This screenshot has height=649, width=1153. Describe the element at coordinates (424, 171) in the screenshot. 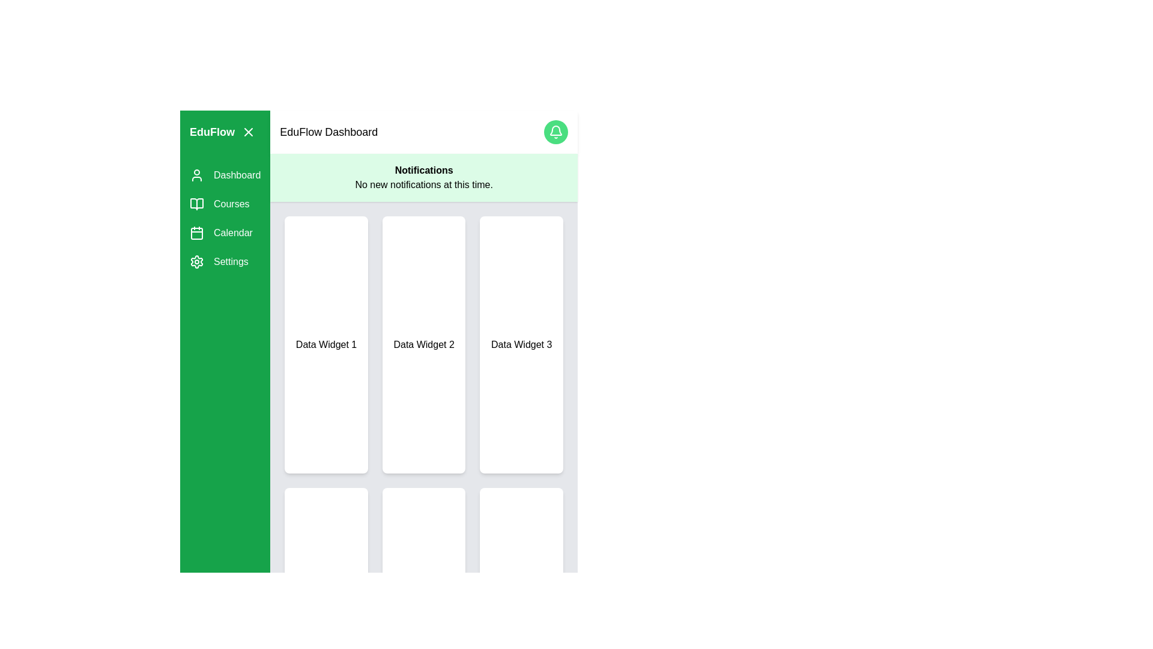

I see `the 'Notifications' text label, which is displayed in bold at the top middle of the notification panel with a light green background` at that location.